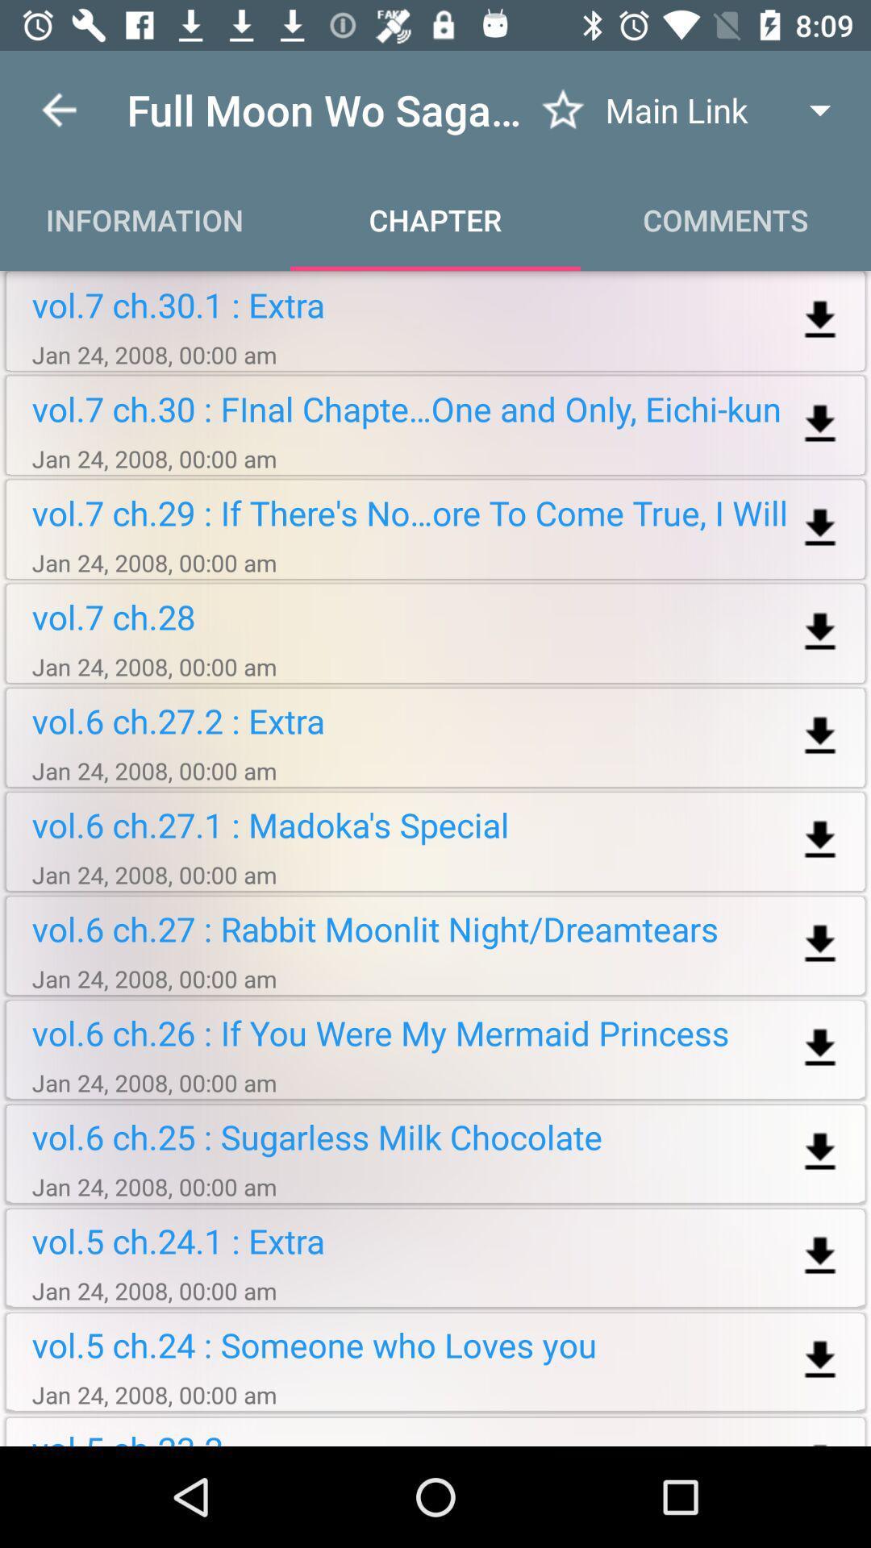 This screenshot has width=871, height=1548. I want to click on download the chapter, so click(820, 839).